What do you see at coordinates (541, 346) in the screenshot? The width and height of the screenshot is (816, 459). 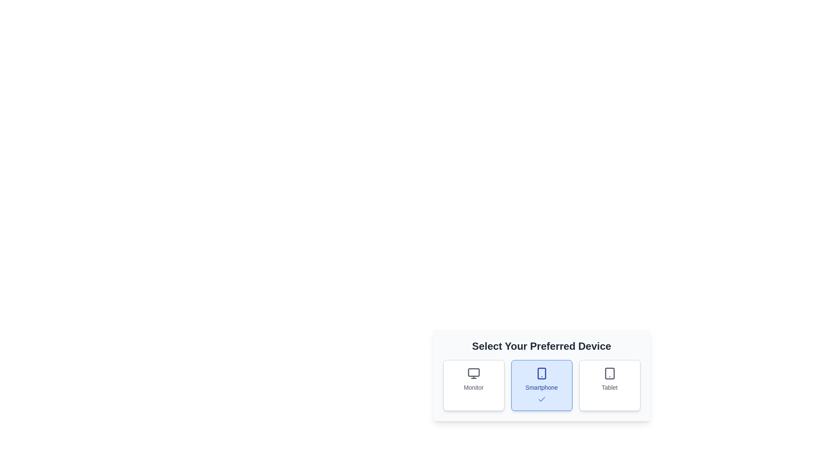 I see `text from the Text Label that serves as a title or instruction for the selection options above the grid of items` at bounding box center [541, 346].